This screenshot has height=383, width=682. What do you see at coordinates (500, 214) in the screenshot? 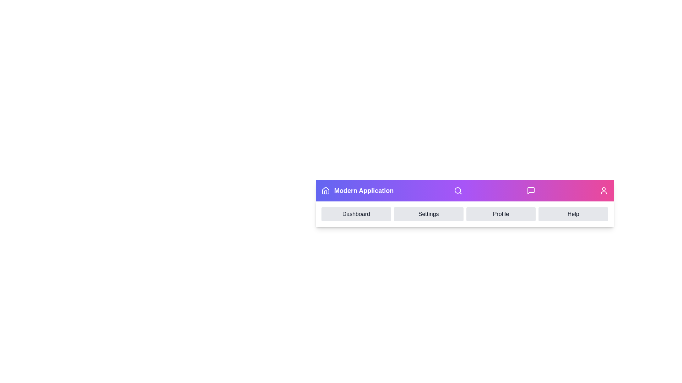
I see `the text element Profile to select it` at bounding box center [500, 214].